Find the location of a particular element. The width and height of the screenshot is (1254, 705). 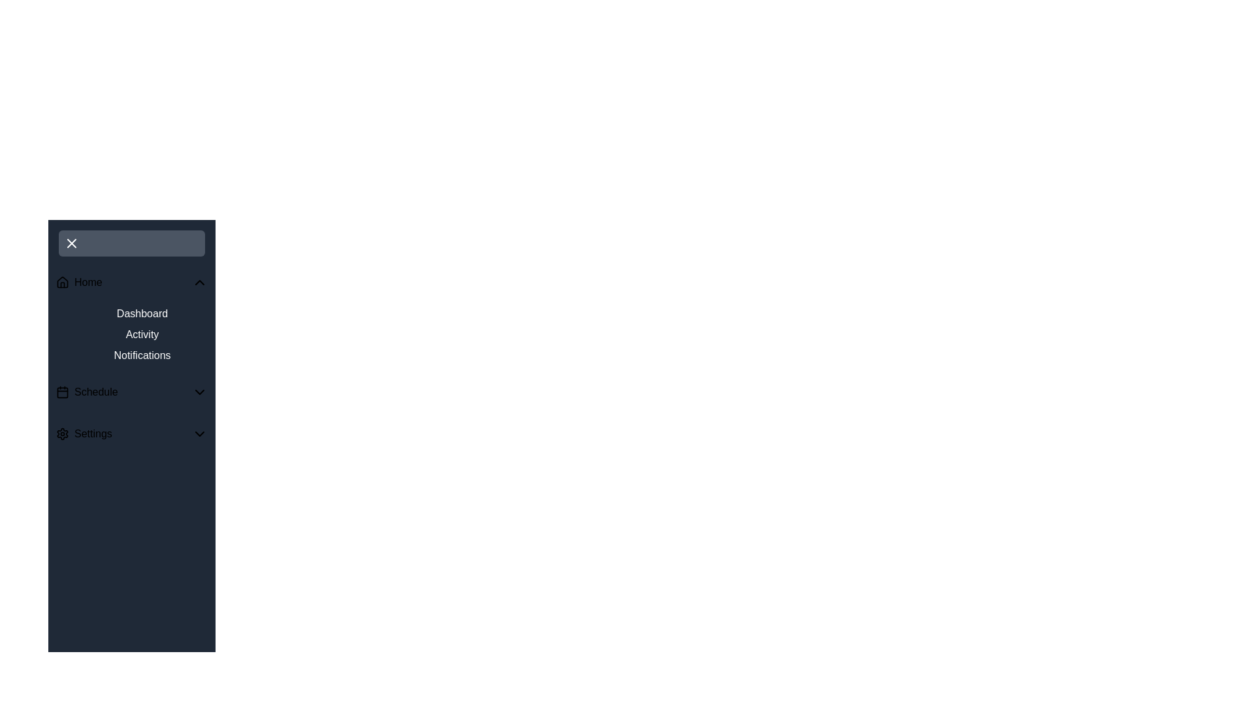

the house-shaped icon representing the Home section in the vertical navigation bar, which is located to the left of the text 'Home' is located at coordinates (62, 281).